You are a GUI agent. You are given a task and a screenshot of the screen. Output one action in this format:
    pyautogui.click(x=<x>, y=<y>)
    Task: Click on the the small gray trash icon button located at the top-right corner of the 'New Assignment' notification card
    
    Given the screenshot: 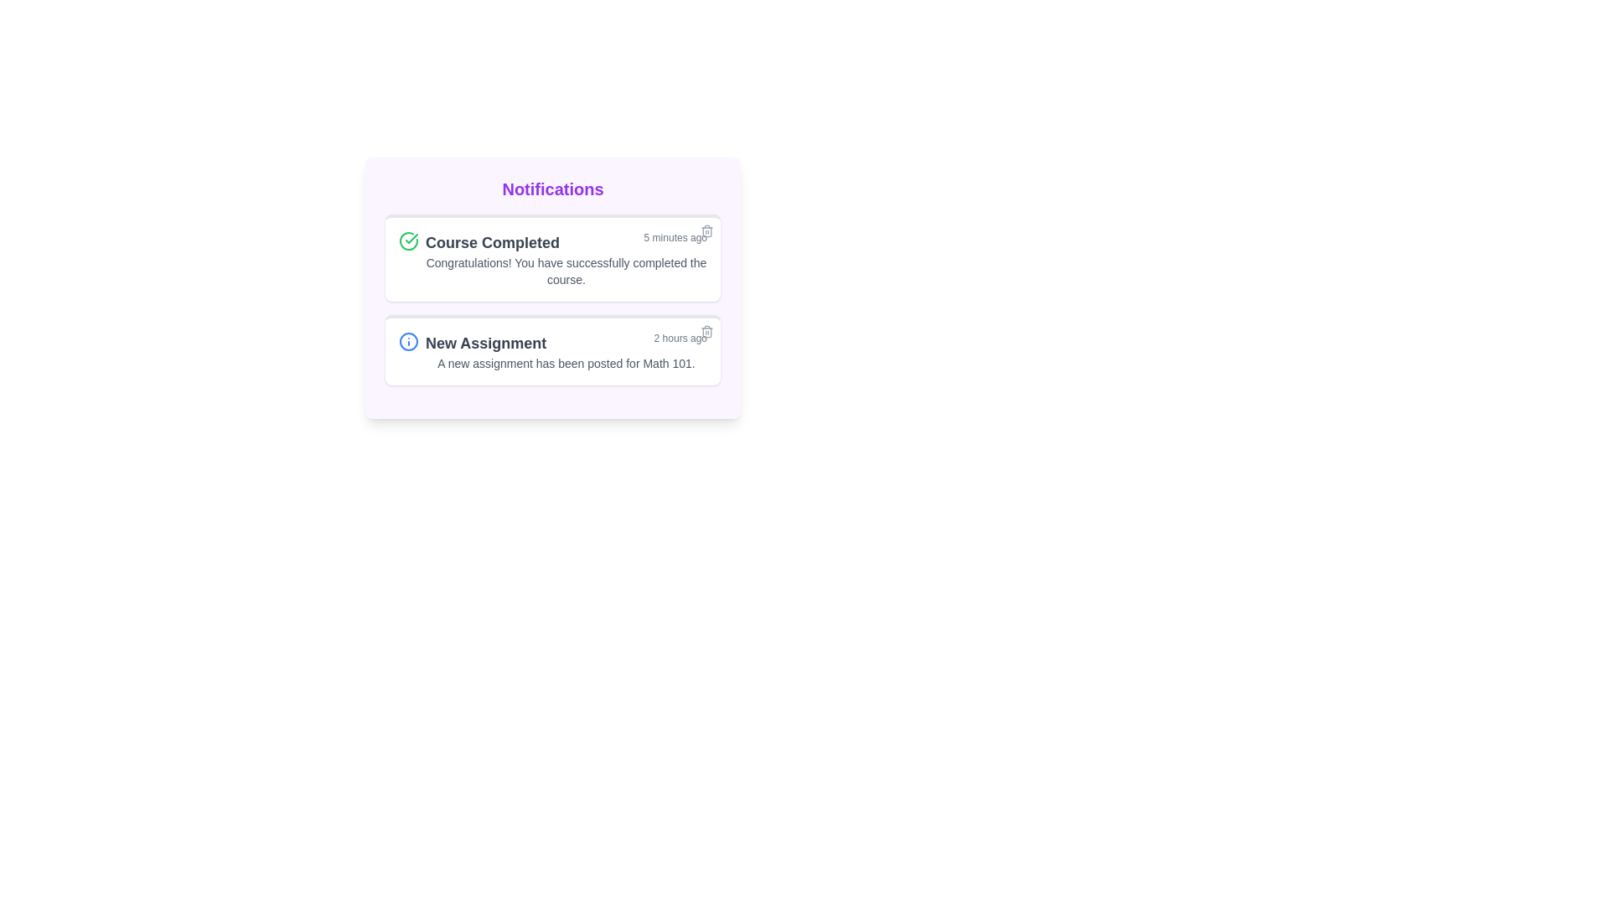 What is the action you would take?
    pyautogui.click(x=707, y=332)
    